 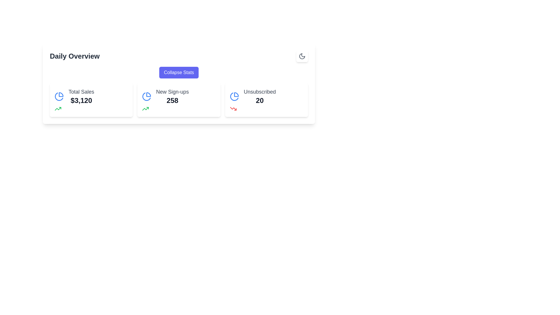 I want to click on the green upward-pointing trend arrow icon in the 'Total Sales' widget located in the 'Daily Overview' section, so click(x=146, y=109).